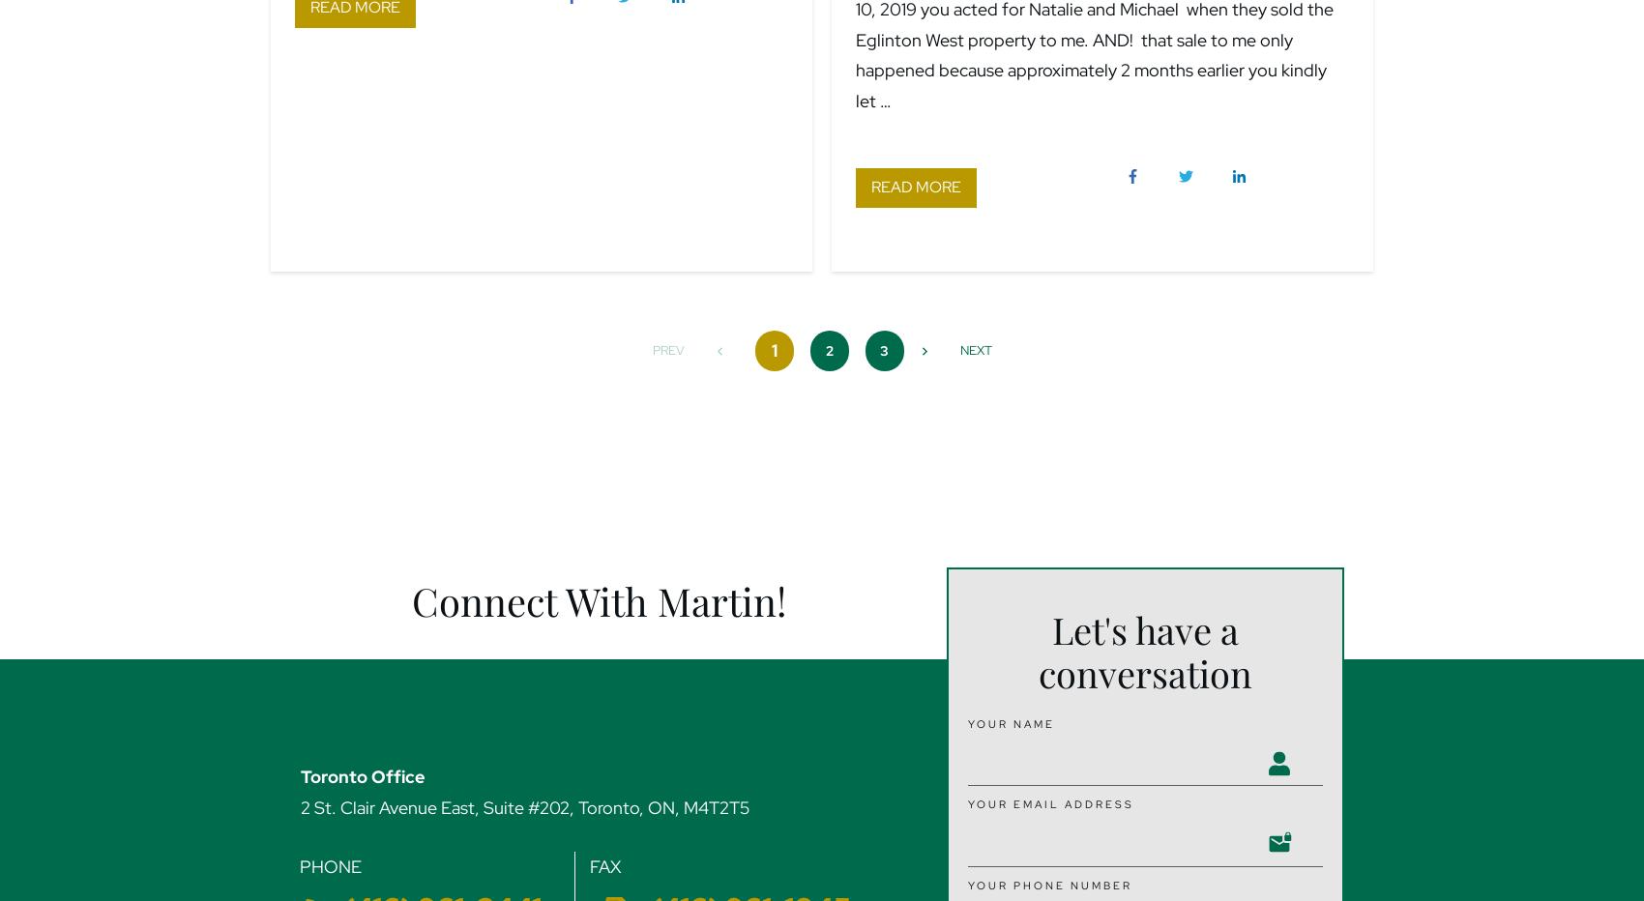 The height and width of the screenshot is (901, 1644). What do you see at coordinates (825, 348) in the screenshot?
I see `'2'` at bounding box center [825, 348].